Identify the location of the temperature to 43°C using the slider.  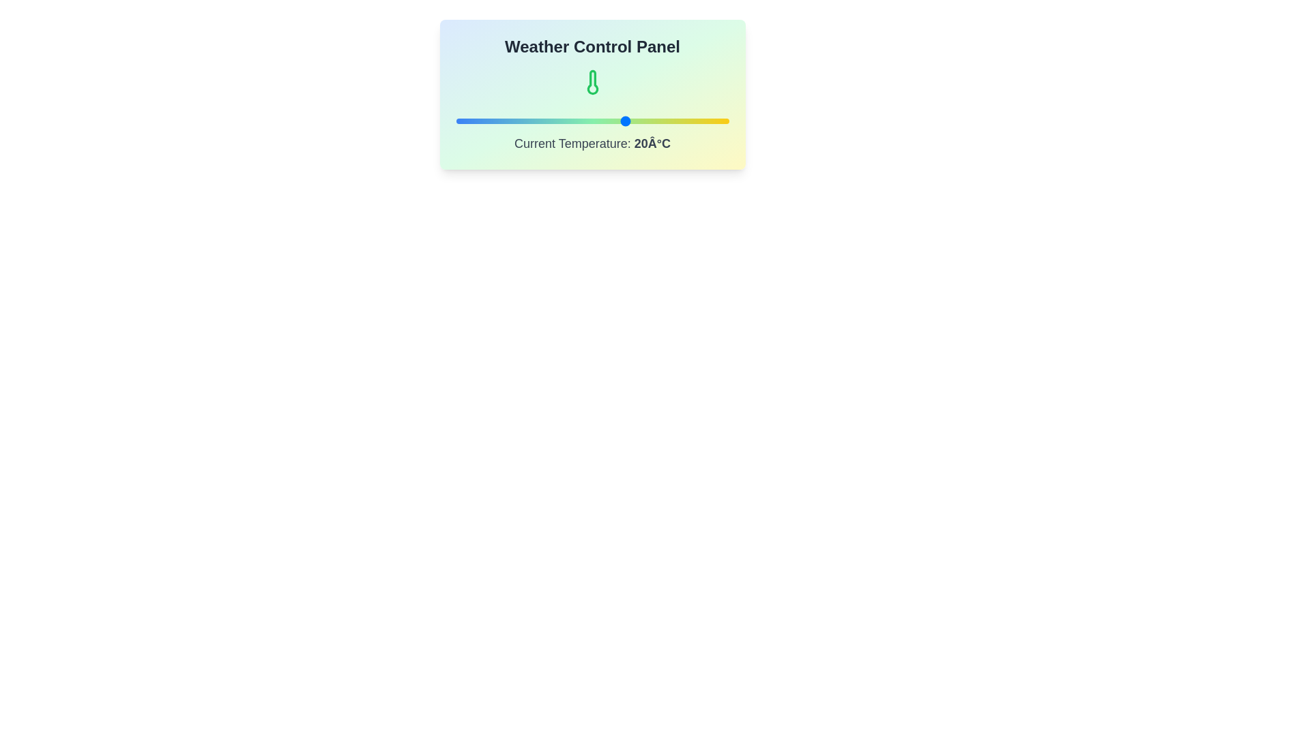
(705, 120).